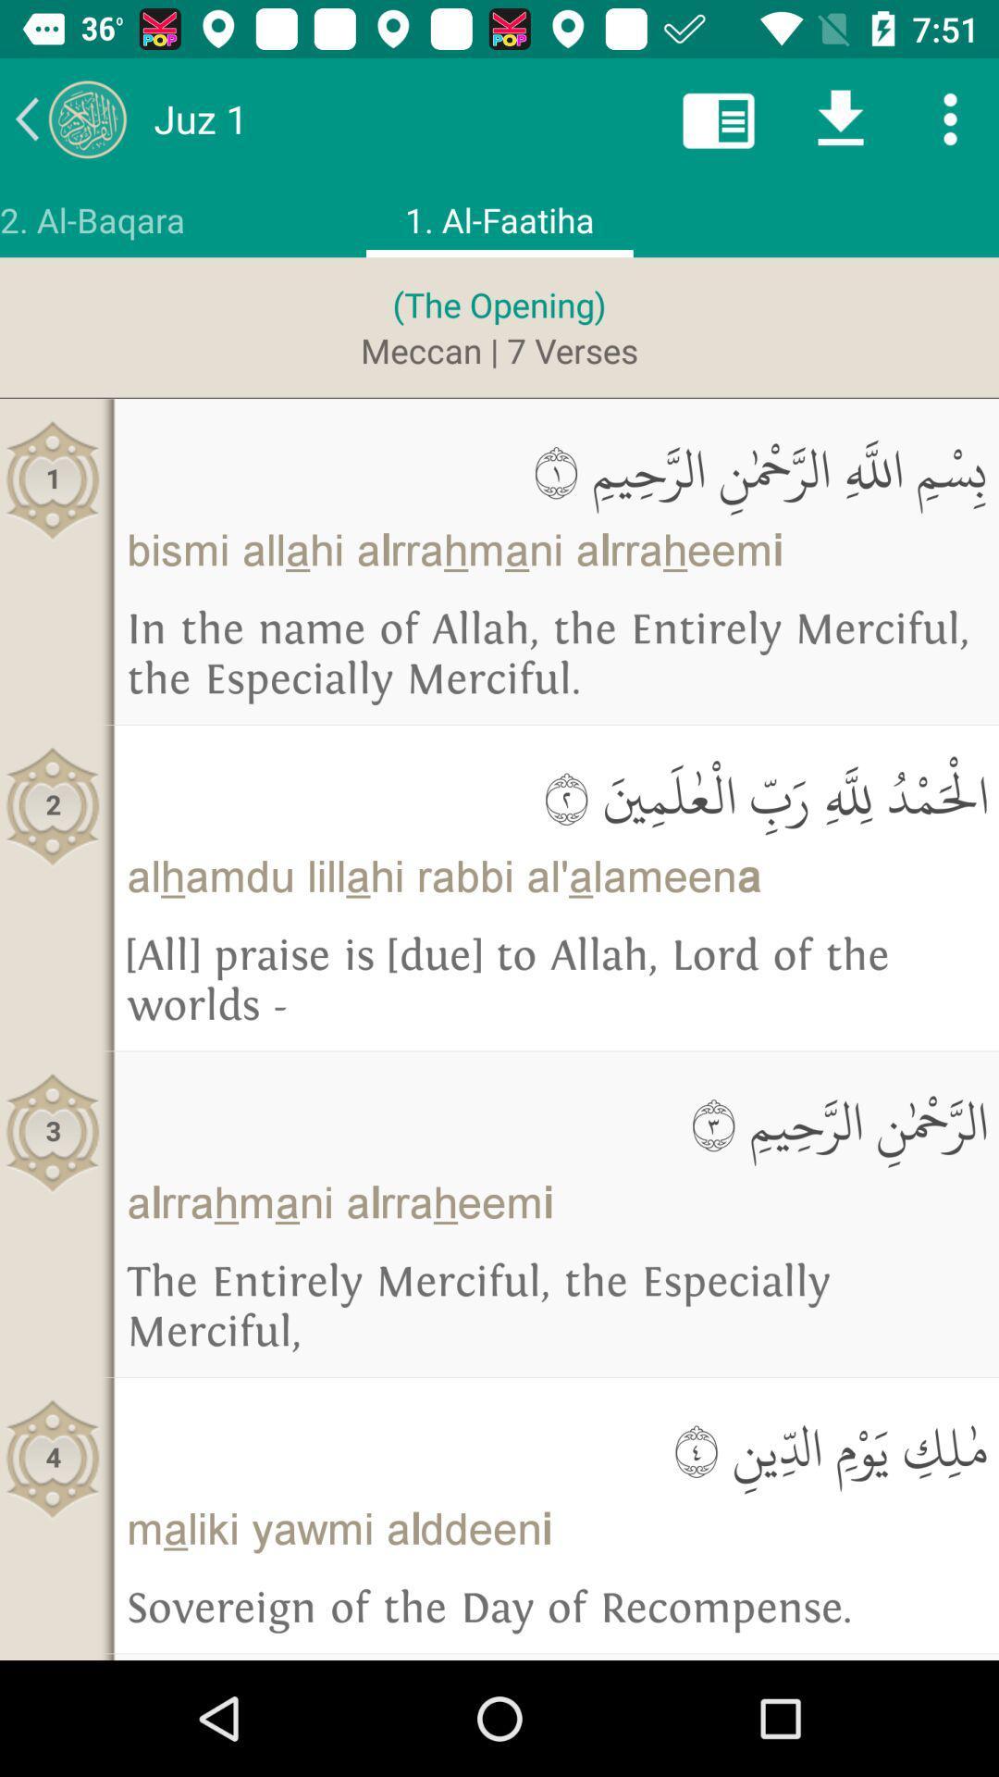  I want to click on the file_download icon, so click(841, 118).